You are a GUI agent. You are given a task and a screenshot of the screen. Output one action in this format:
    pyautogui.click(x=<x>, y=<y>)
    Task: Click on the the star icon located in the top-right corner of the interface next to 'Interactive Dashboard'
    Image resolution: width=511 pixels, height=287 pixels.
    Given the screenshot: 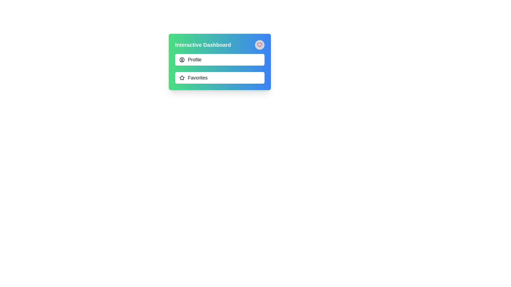 What is the action you would take?
    pyautogui.click(x=182, y=78)
    